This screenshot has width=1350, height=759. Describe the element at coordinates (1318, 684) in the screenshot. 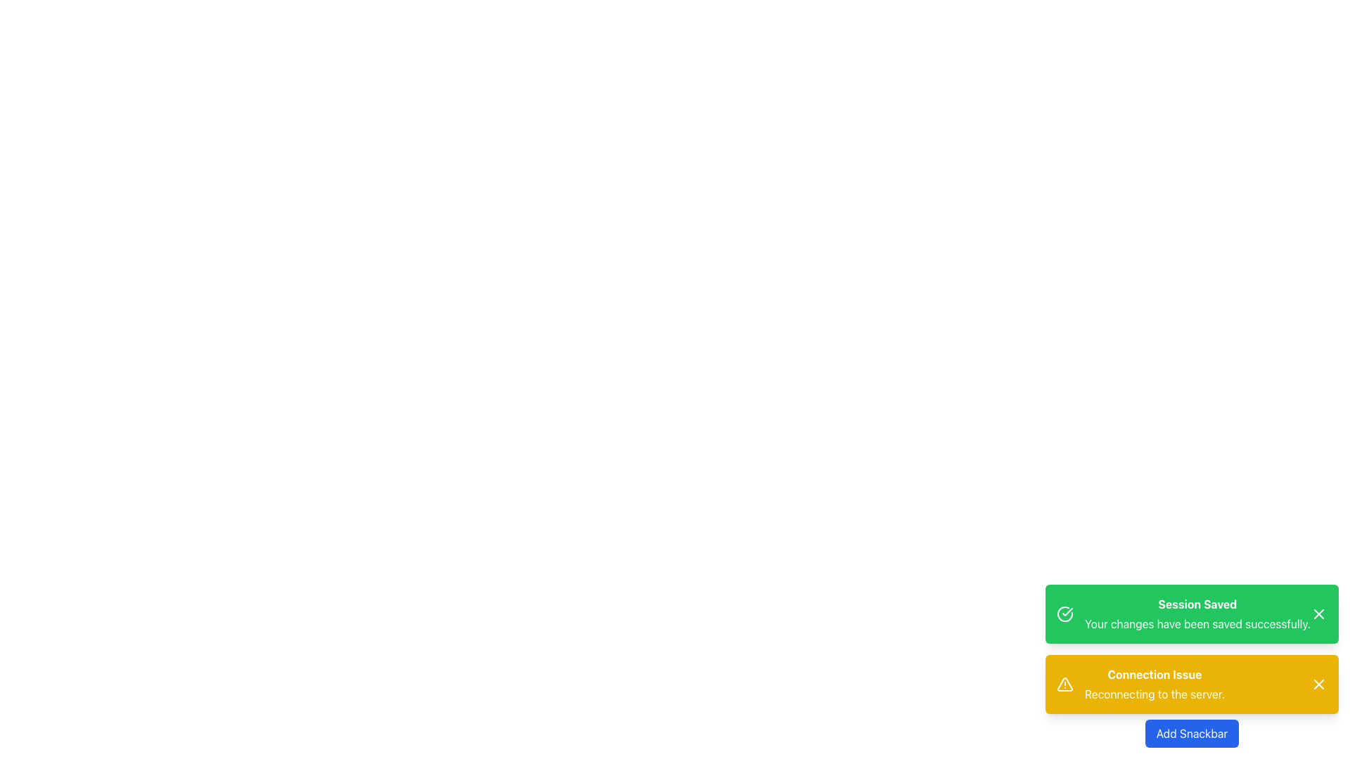

I see `the close button represented by an 'X' icon in the top-right corner of the yellow alert dialog that displays 'Connection Issue: Reconnecting to the server.'` at that location.